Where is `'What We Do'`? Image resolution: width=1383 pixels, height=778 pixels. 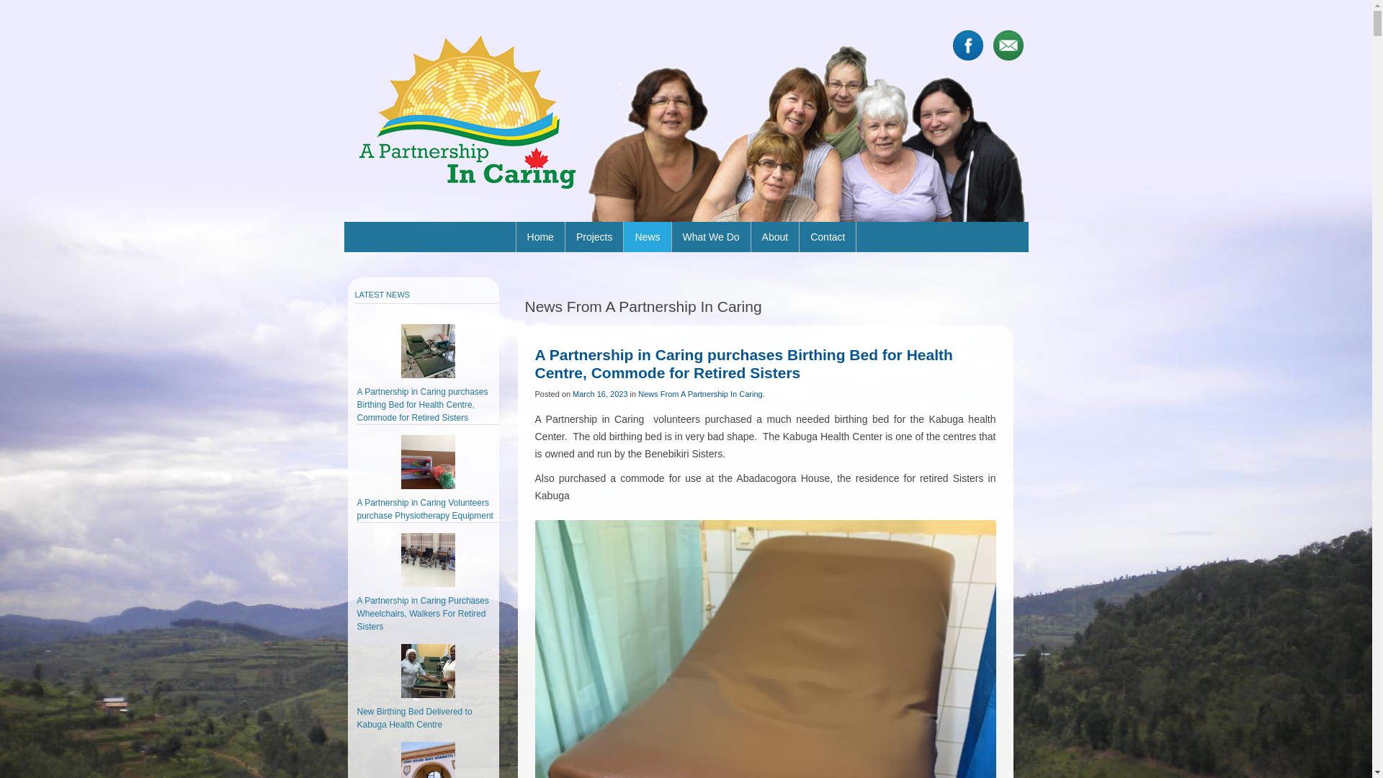
'What We Do' is located at coordinates (710, 236).